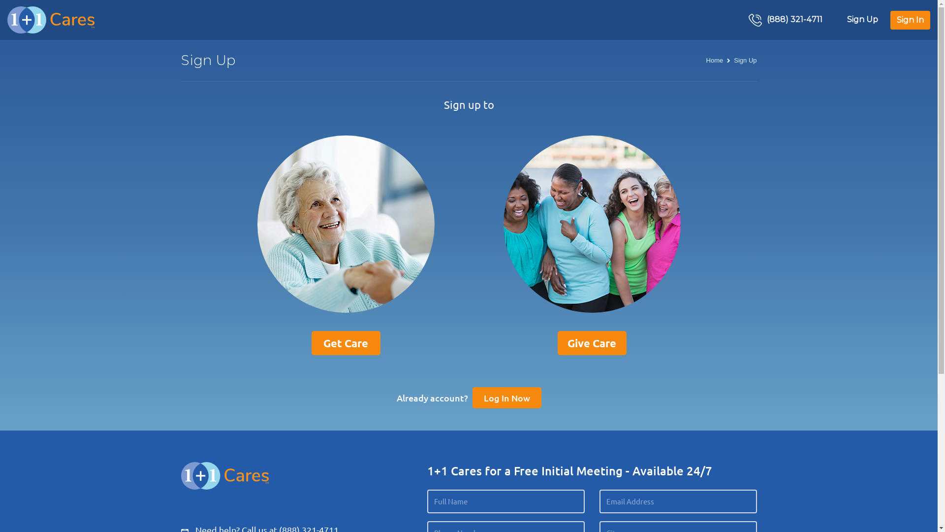 Image resolution: width=945 pixels, height=532 pixels. What do you see at coordinates (785, 20) in the screenshot?
I see `'(888) 321-4711'` at bounding box center [785, 20].